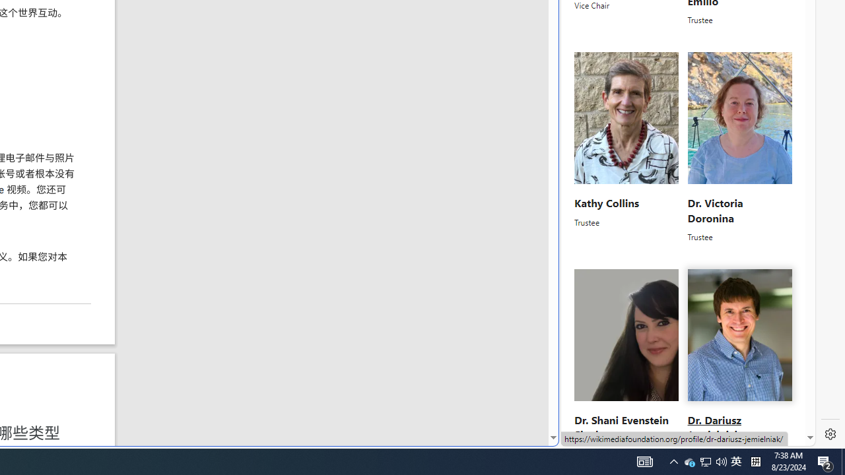  Describe the element at coordinates (739, 364) in the screenshot. I see `'Dr. Dariusz JemielniakTrustee'` at that location.